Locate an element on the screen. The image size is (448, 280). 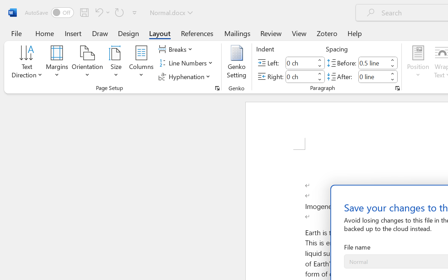
'Line Numbers' is located at coordinates (187, 63).